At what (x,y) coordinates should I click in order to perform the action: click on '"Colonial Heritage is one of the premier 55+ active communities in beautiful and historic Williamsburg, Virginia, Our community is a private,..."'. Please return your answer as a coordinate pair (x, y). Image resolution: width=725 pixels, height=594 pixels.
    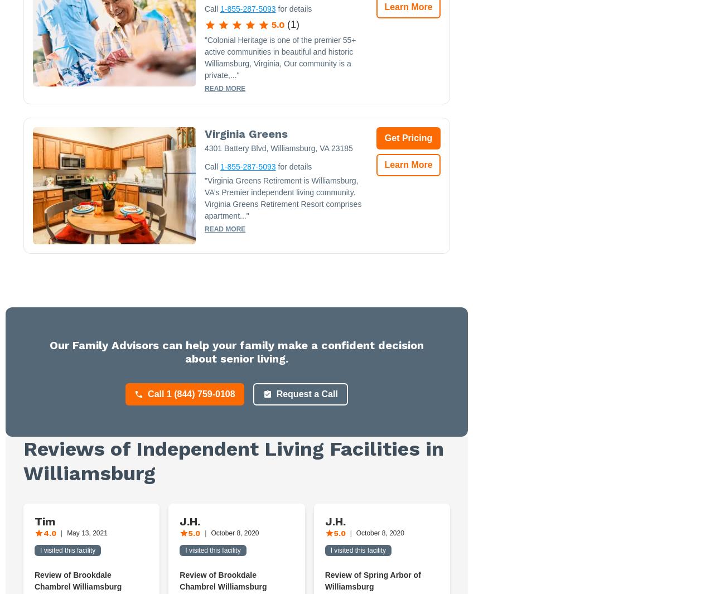
    Looking at the image, I should click on (280, 57).